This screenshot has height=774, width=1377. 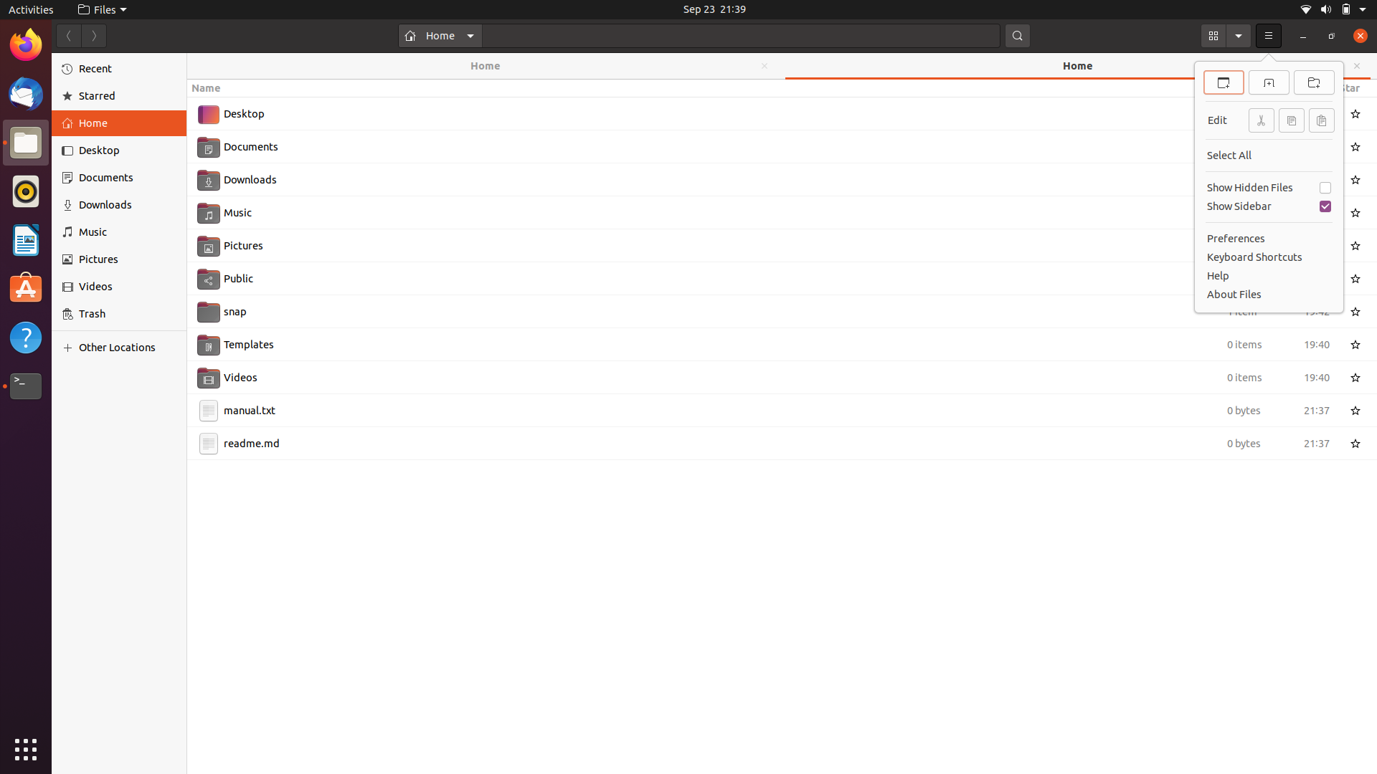 I want to click on Use keyboard keys to navigate and select the first choice from the menu, so click(x=1269, y=35).